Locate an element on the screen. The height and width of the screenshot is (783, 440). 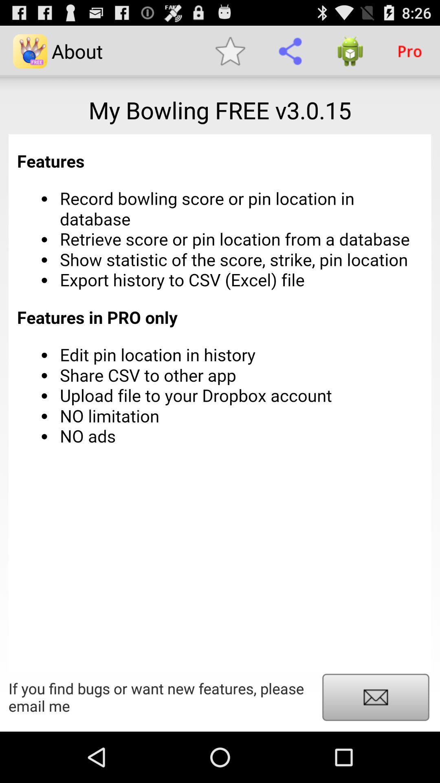
message box is located at coordinates (376, 697).